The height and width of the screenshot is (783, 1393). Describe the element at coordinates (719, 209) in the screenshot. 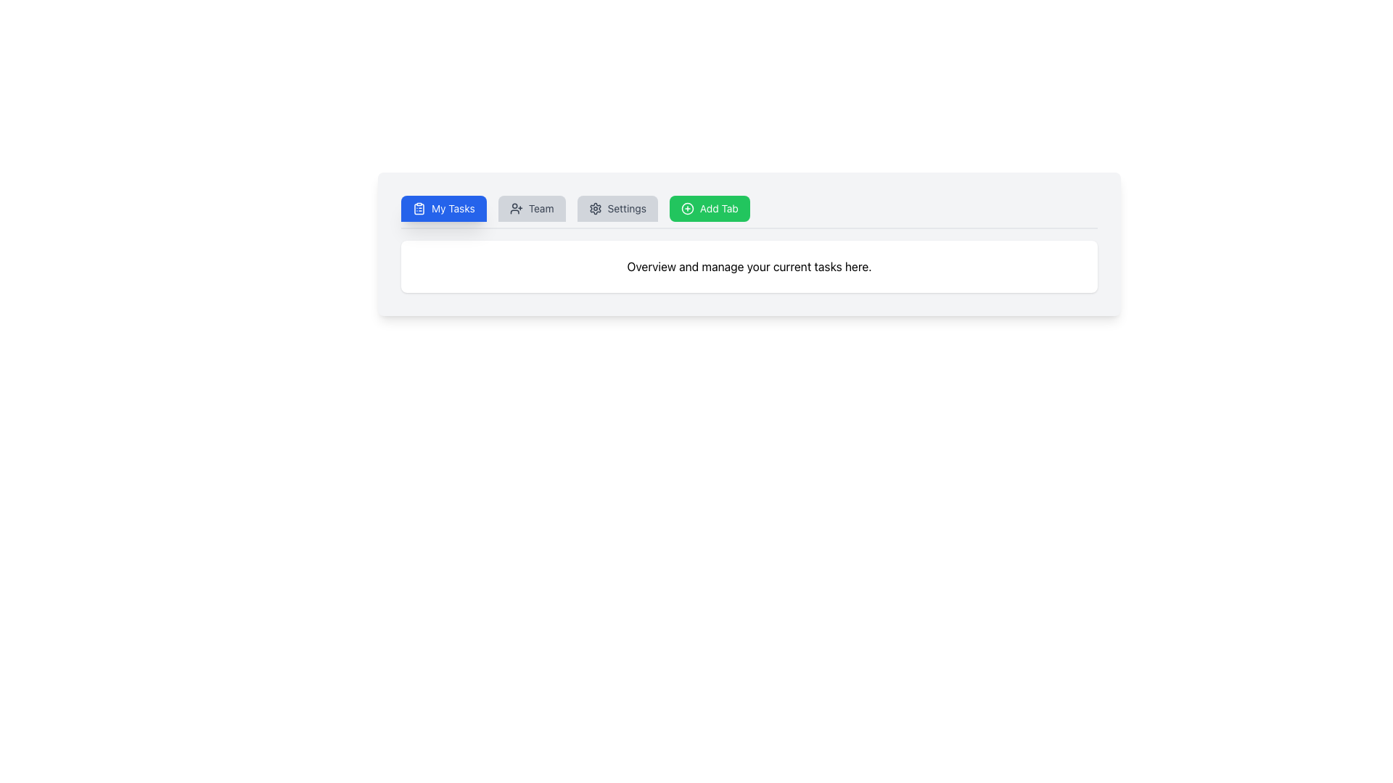

I see `text displayed on the label indicating the button's function to add a new tab, which is part of a green button in the top right section of the interface` at that location.